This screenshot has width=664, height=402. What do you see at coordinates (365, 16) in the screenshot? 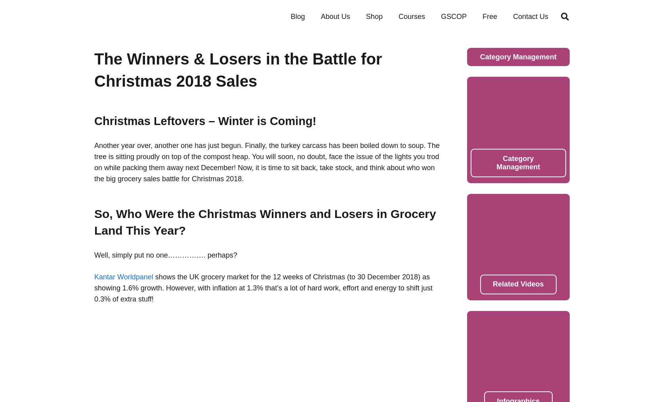
I see `'Shop'` at bounding box center [365, 16].